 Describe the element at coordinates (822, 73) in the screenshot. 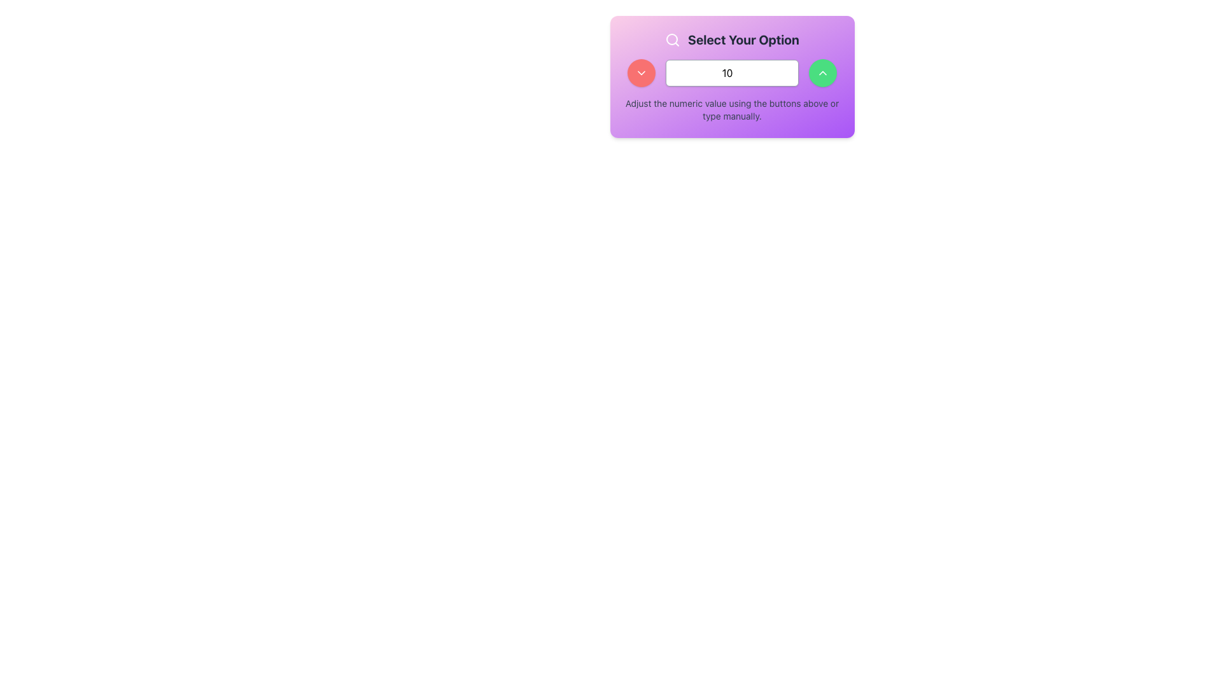

I see `the button that increases the numeric value in the adjacent input field, located in the far-right position of a horizontal layout group` at that location.